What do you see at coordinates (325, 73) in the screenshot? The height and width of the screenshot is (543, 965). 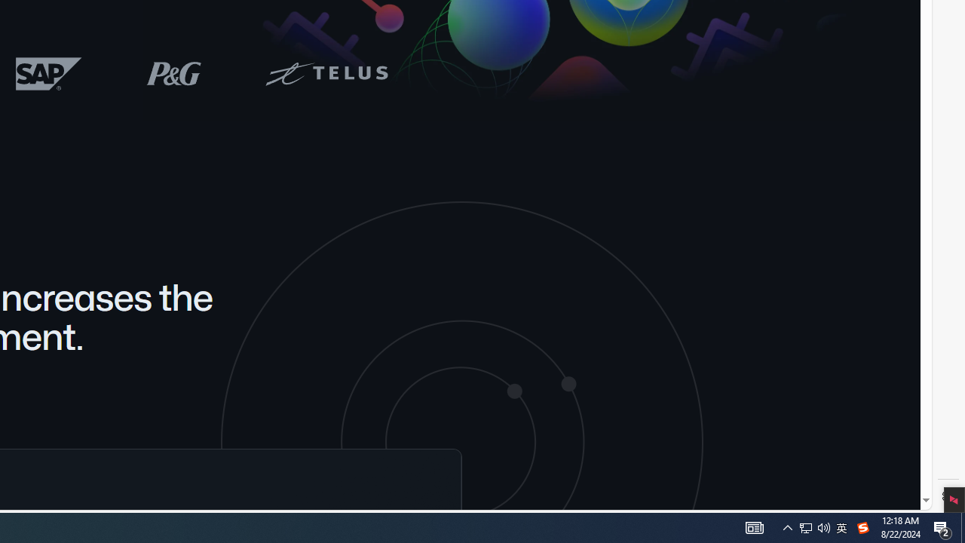 I see `'Telus logo'` at bounding box center [325, 73].